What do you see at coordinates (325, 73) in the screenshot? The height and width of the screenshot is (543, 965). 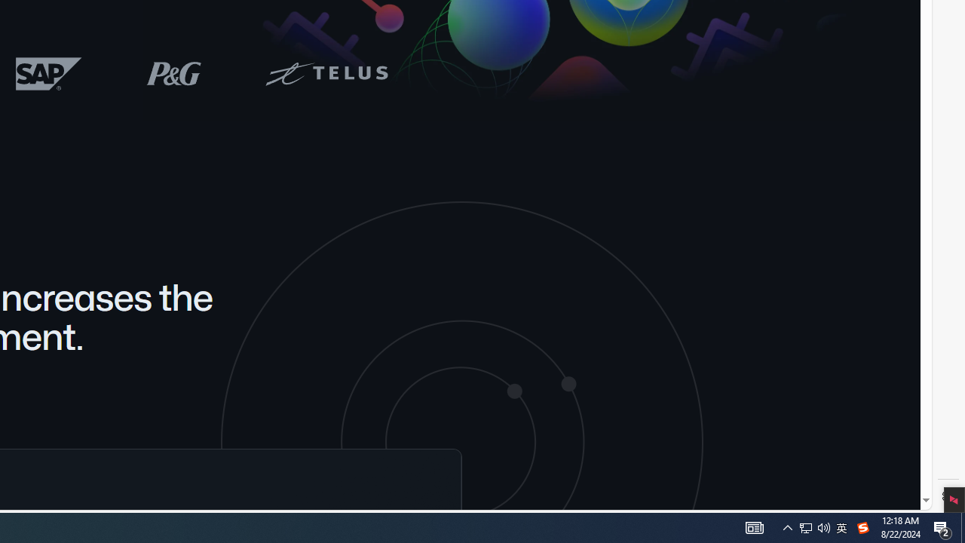 I see `'Telus logo'` at bounding box center [325, 73].